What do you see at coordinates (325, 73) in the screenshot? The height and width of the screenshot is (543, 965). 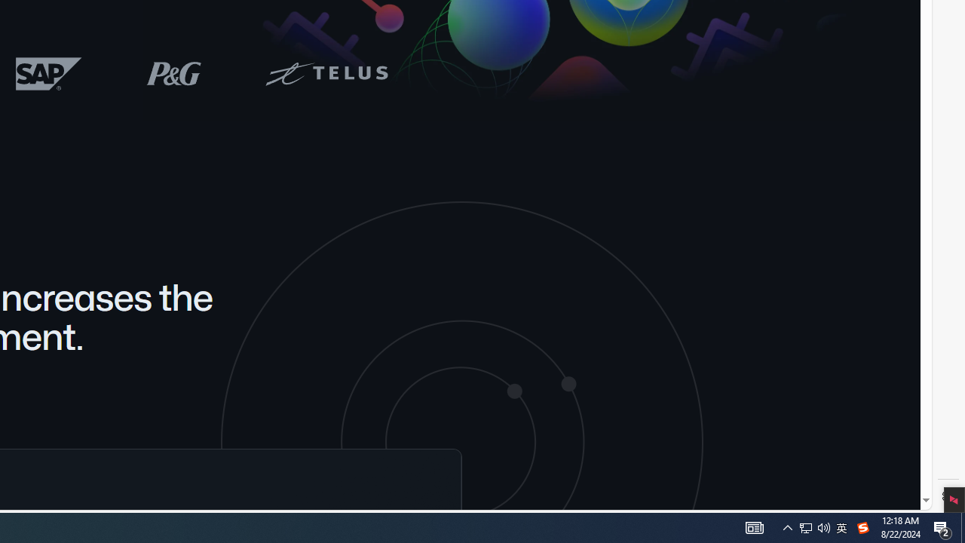 I see `'Telus logo'` at bounding box center [325, 73].